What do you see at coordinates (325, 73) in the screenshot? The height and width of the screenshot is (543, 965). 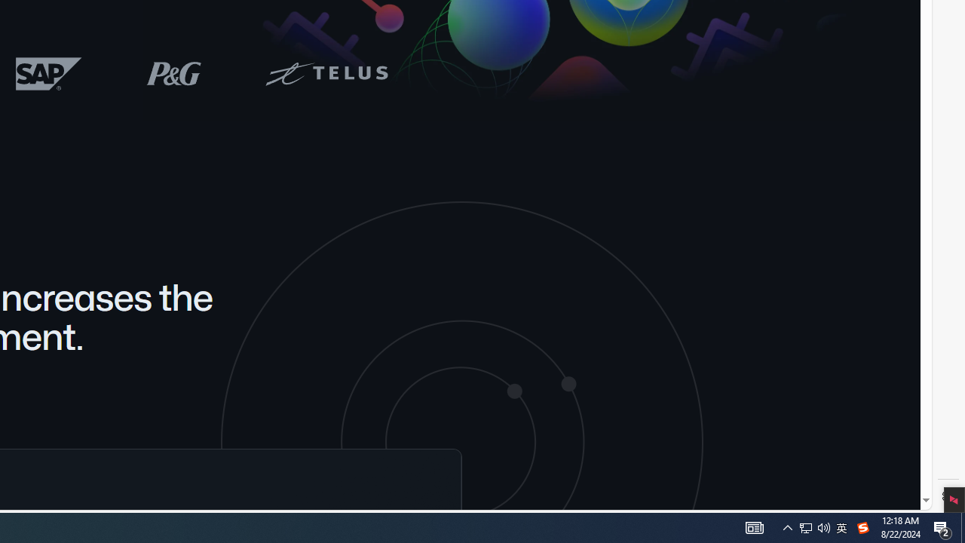 I see `'Telus logo'` at bounding box center [325, 73].